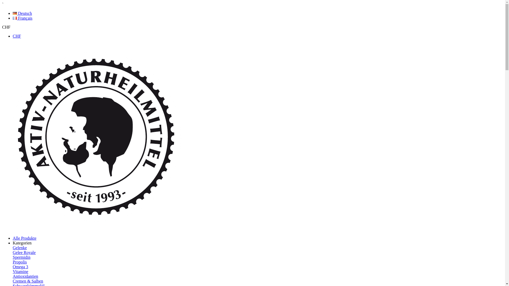  I want to click on 'Vitamine', so click(13, 271).